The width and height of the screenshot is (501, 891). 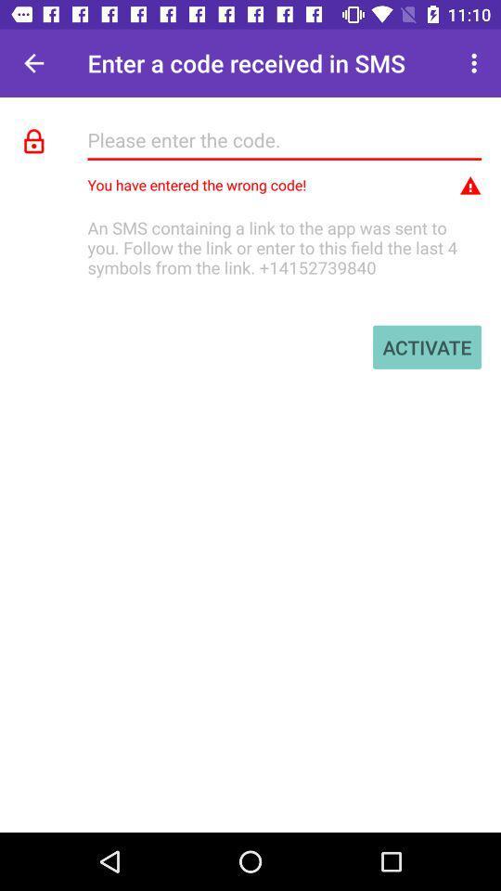 I want to click on code field, so click(x=284, y=138).